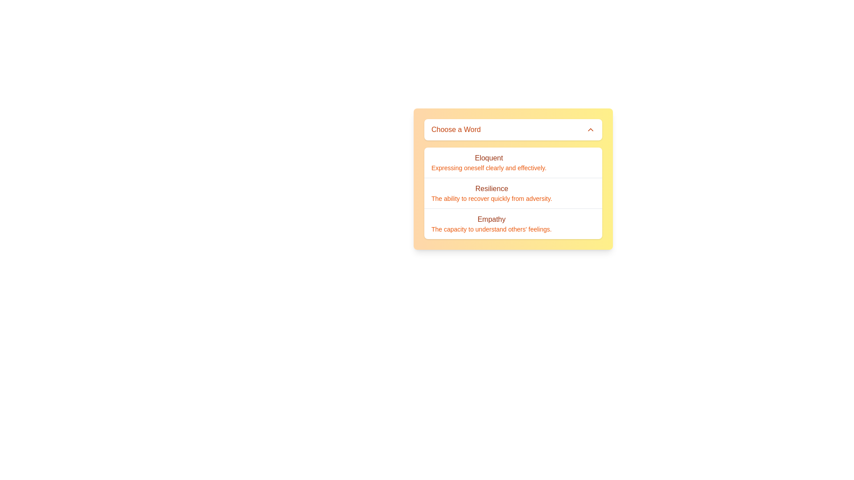 Image resolution: width=854 pixels, height=480 pixels. Describe the element at coordinates (456, 130) in the screenshot. I see `the static text label that states 'Choose a Word' in bold orange font, positioned in the top-left part of the dropdown interface` at that location.